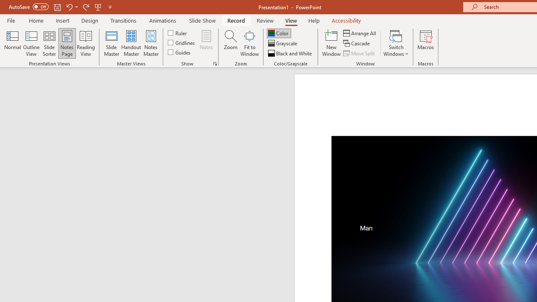  I want to click on 'Notes Page', so click(67, 43).